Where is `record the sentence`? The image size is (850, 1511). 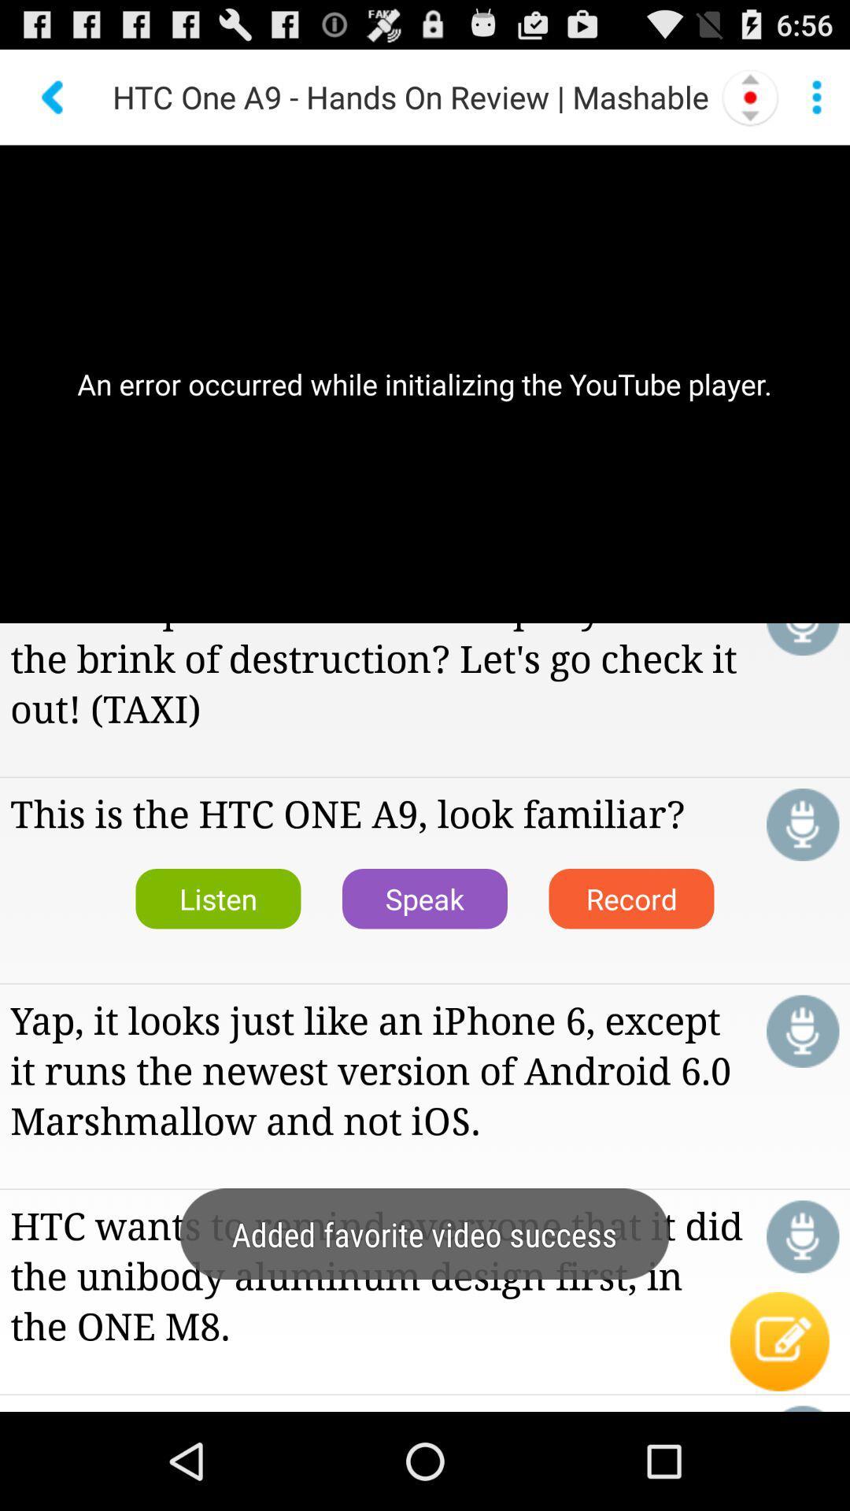 record the sentence is located at coordinates (803, 1031).